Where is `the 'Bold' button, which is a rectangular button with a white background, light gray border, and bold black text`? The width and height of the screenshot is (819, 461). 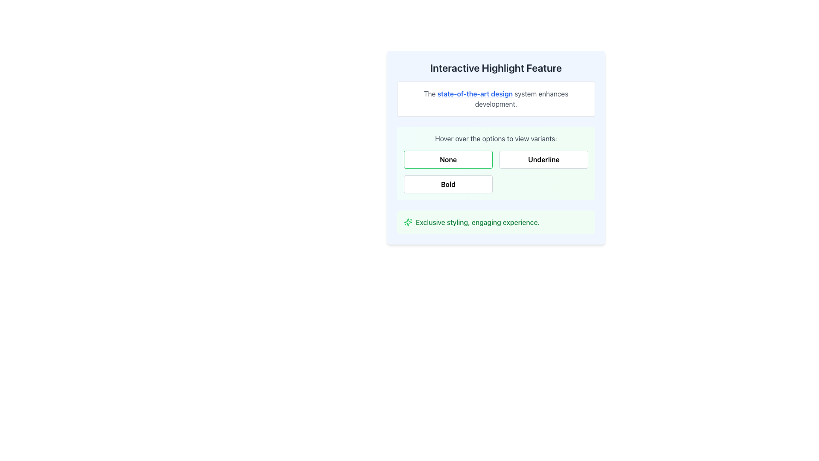
the 'Bold' button, which is a rectangular button with a white background, light gray border, and bold black text is located at coordinates (448, 184).